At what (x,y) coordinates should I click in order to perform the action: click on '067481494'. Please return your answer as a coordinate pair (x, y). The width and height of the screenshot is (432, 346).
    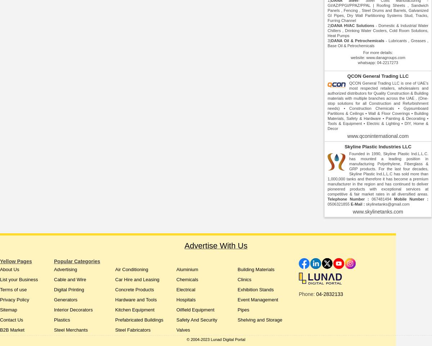
    Looking at the image, I should click on (382, 198).